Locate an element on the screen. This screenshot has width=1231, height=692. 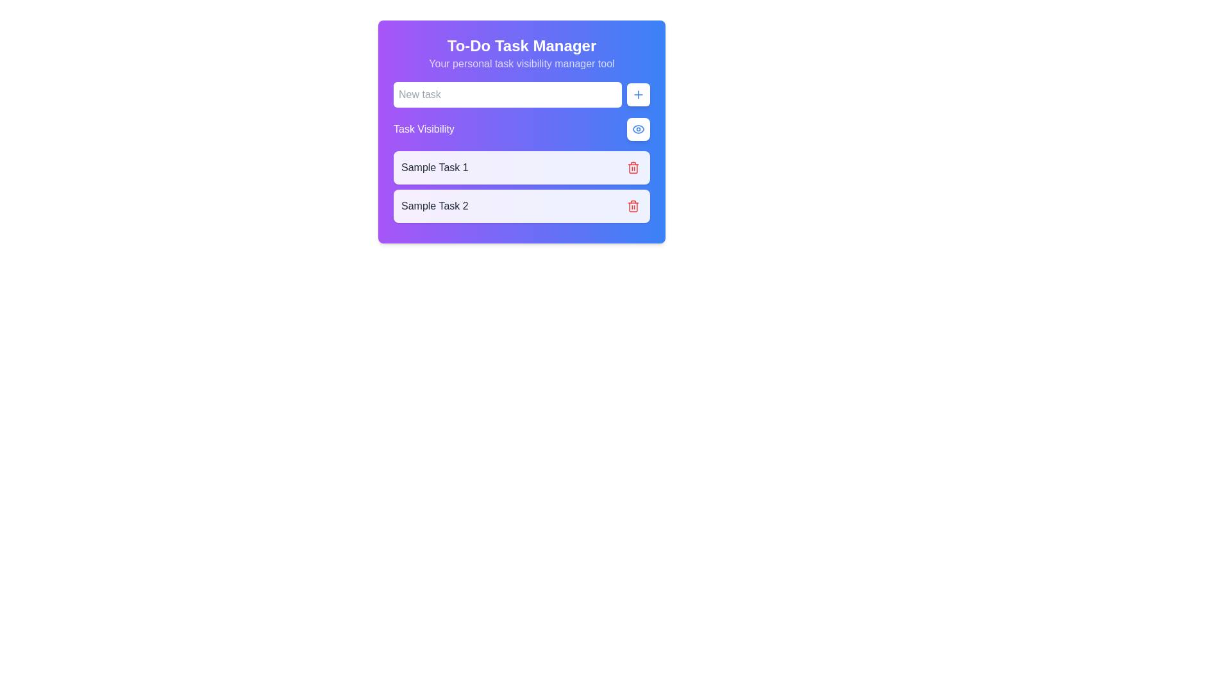
the task labeled 'Sample Task 1' in the to-do task manager is located at coordinates (522, 167).